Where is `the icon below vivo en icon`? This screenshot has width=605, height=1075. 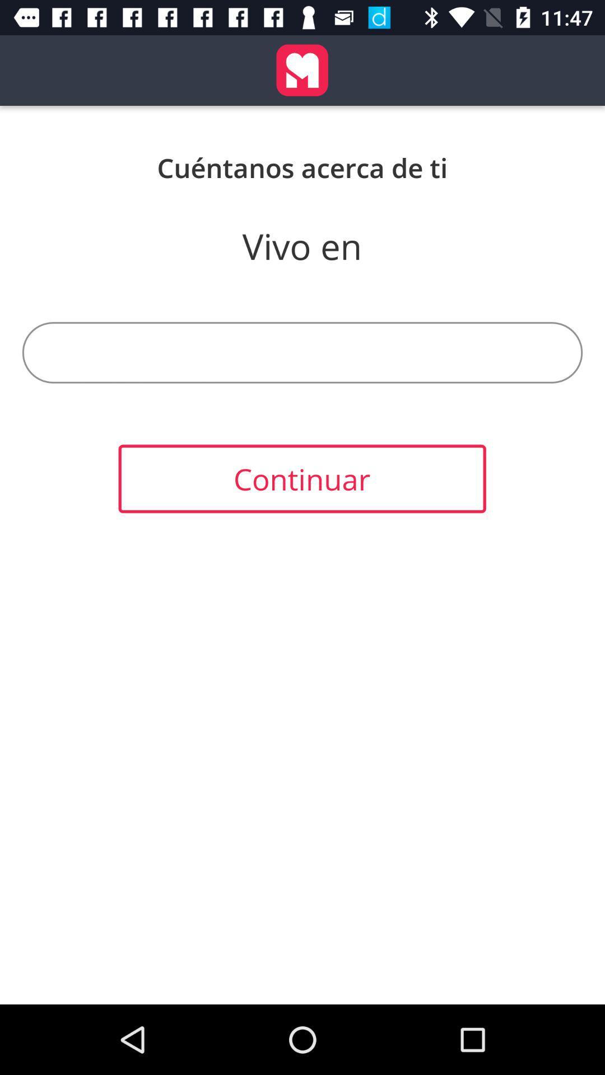
the icon below vivo en icon is located at coordinates (302, 352).